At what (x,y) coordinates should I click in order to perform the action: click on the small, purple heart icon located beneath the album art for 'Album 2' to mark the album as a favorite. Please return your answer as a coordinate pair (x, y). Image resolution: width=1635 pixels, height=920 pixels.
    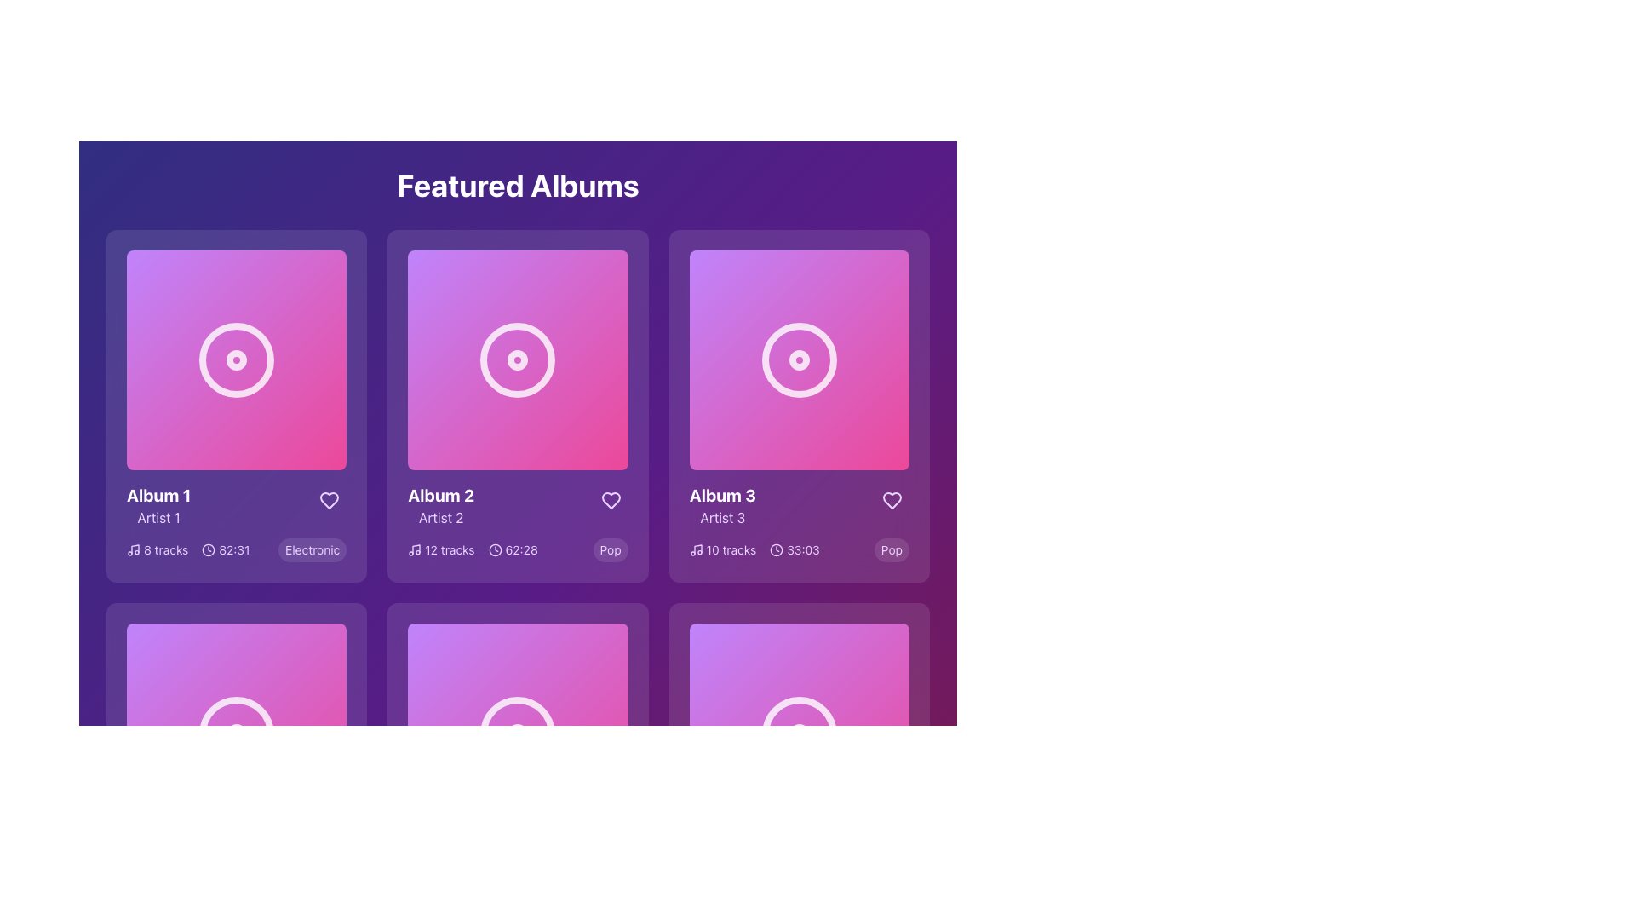
    Looking at the image, I should click on (611, 500).